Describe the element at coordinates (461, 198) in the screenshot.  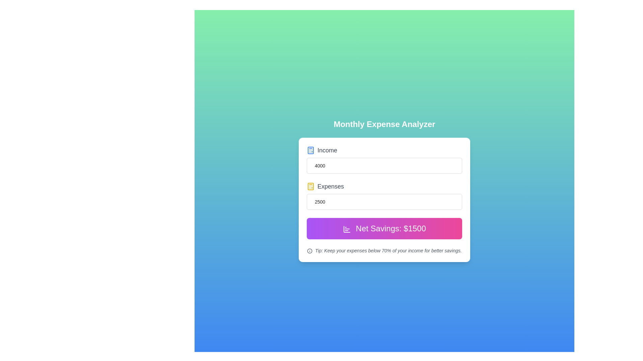
I see `the increment button located on the right side of the numeric input field for expenses to increase the numeric value` at that location.